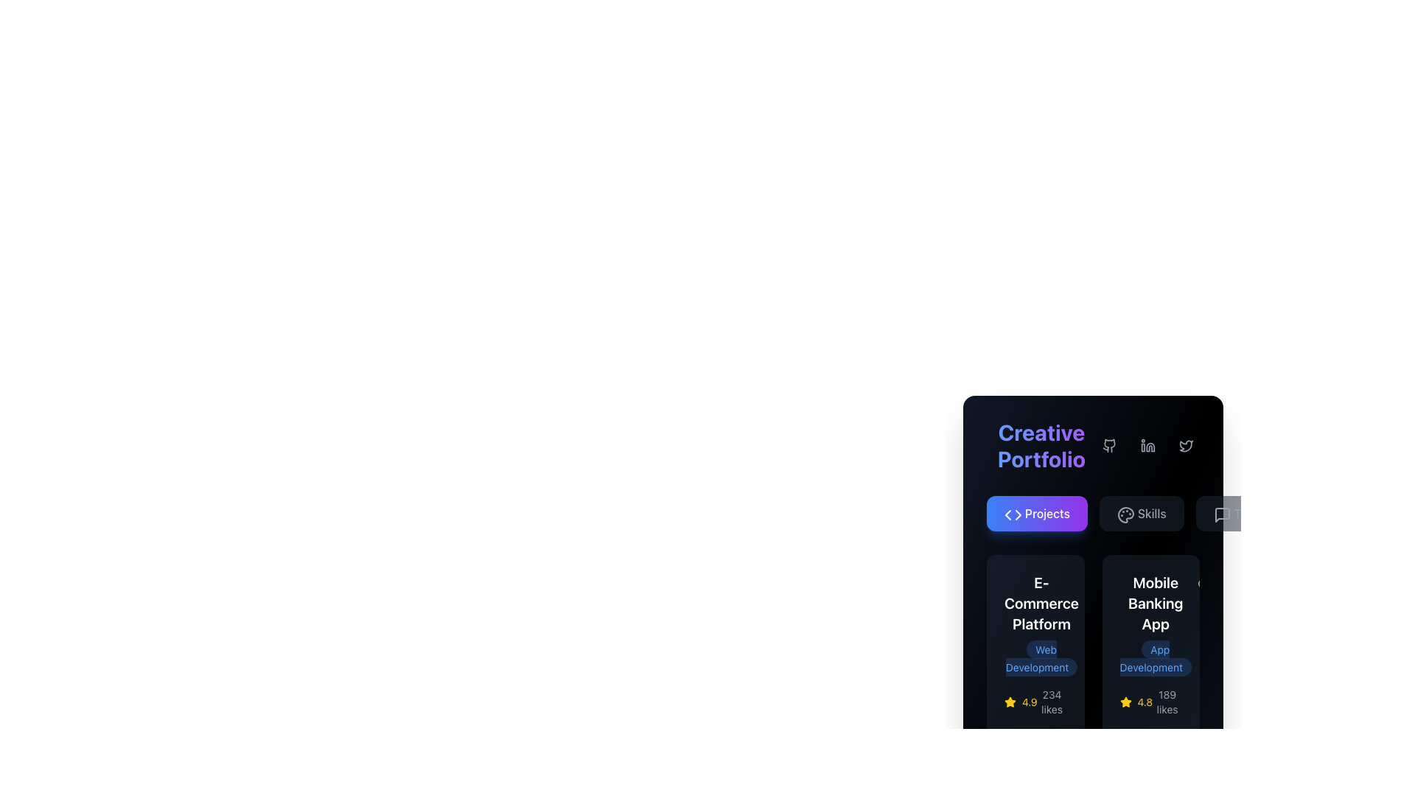 This screenshot has height=796, width=1415. What do you see at coordinates (1257, 513) in the screenshot?
I see `the third button in the navigation bar that navigates to the 'Testimonials' section to provide user feedback` at bounding box center [1257, 513].